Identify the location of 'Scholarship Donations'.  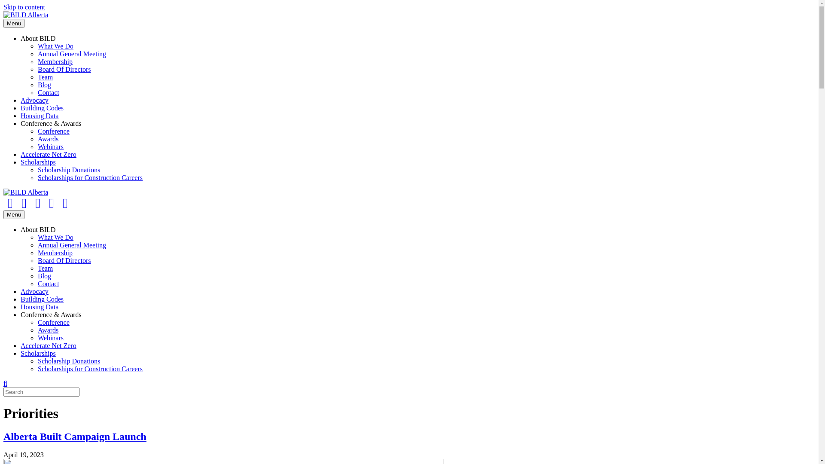
(69, 361).